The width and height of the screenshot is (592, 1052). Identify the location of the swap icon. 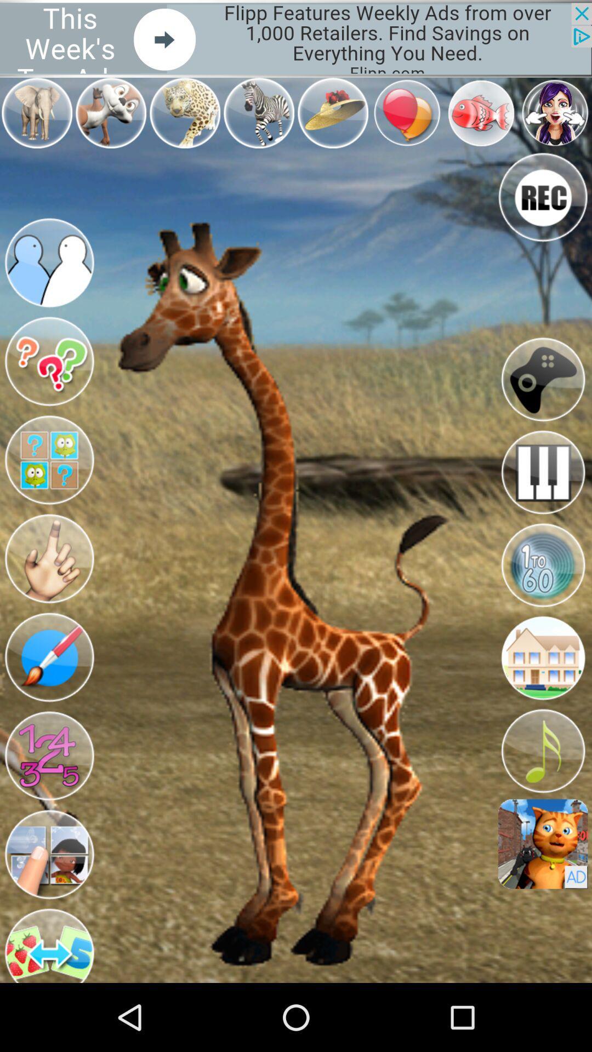
(48, 1009).